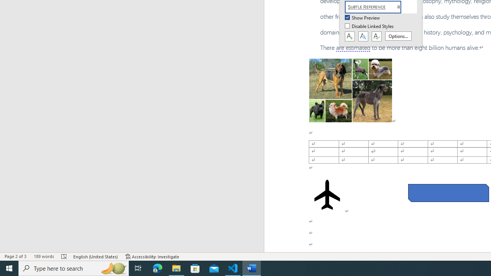 Image resolution: width=491 pixels, height=276 pixels. What do you see at coordinates (362, 18) in the screenshot?
I see `'Show Preview'` at bounding box center [362, 18].